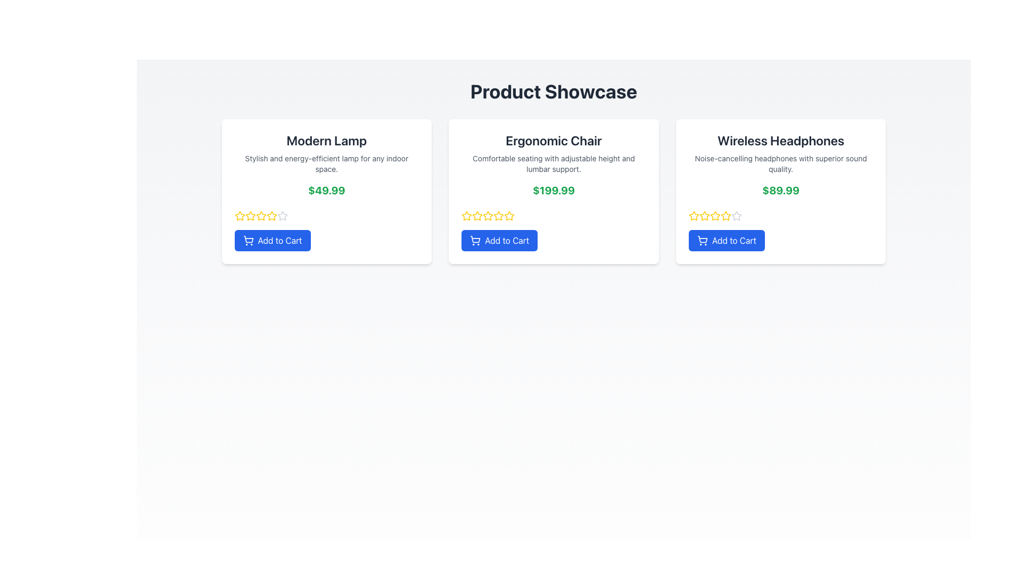 Image resolution: width=1022 pixels, height=575 pixels. Describe the element at coordinates (499, 240) in the screenshot. I see `the 'Add to Cart' button located at the bottom section of the middle product card for 'Ergonomic Chair'` at that location.